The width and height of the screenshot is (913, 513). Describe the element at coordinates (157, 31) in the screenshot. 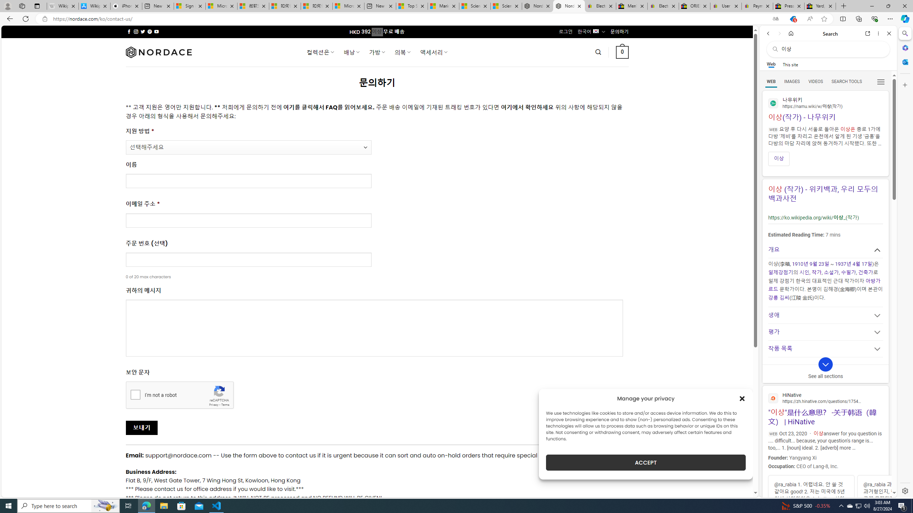

I see `'Follow on YouTube'` at that location.